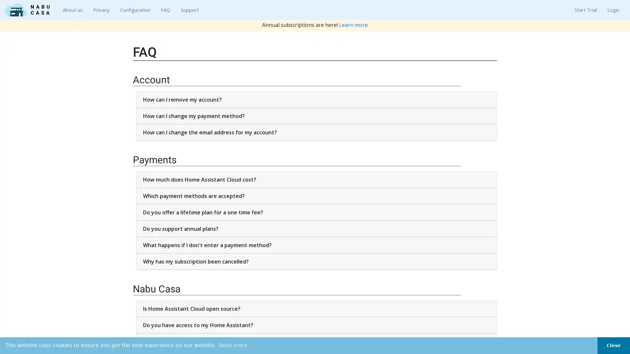  What do you see at coordinates (316, 261) in the screenshot?
I see `Why has my subscription been cancelled?` at bounding box center [316, 261].